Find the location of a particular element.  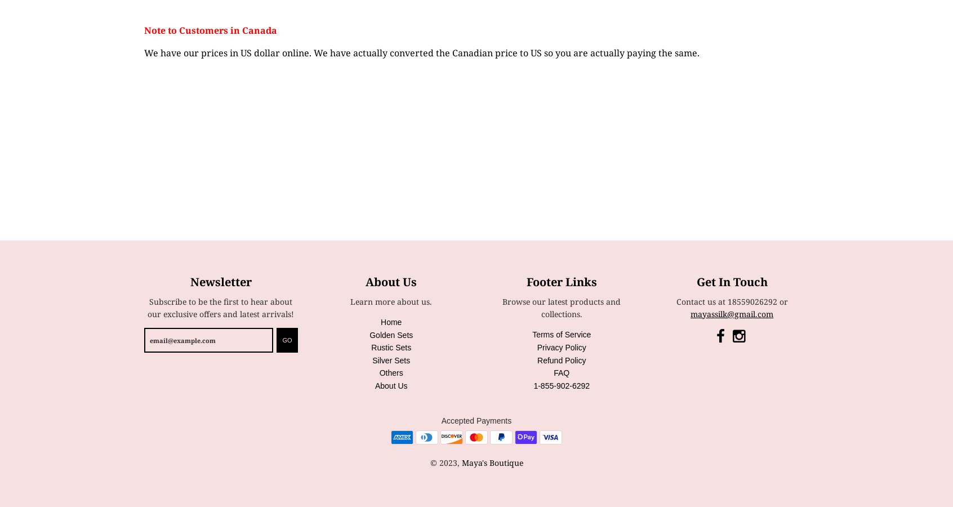

'Subscribe to be the first to hear about our exclusive offers and latest arrivals!' is located at coordinates (221, 306).